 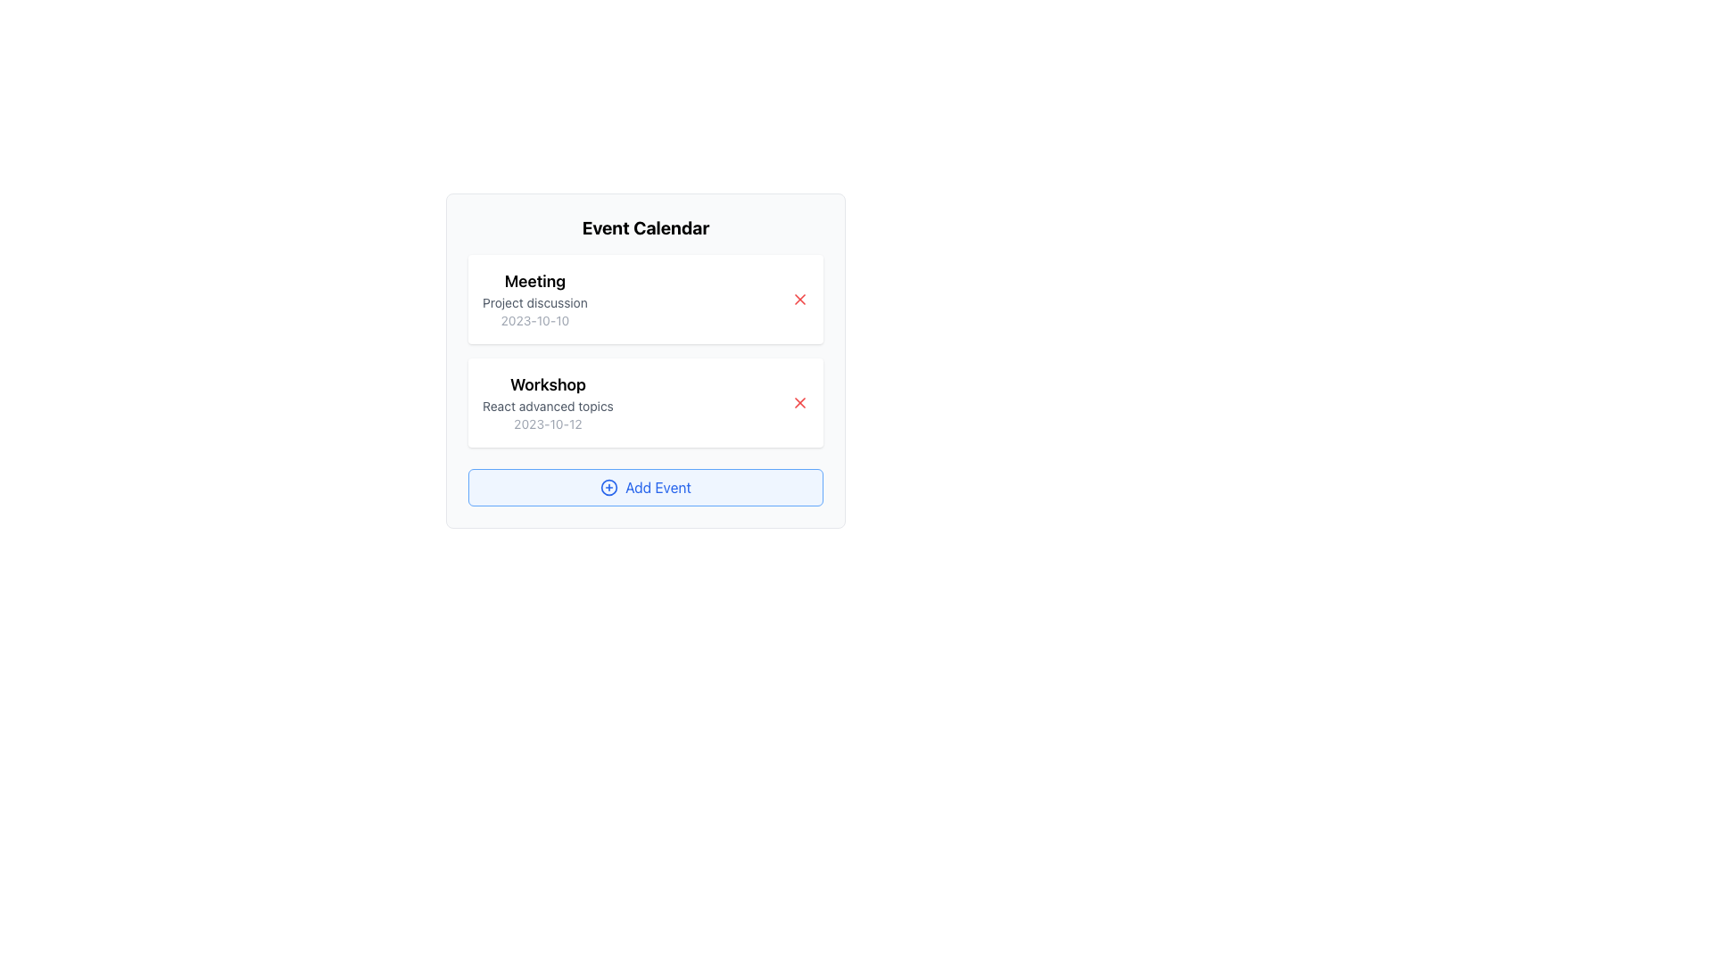 What do you see at coordinates (547, 424) in the screenshot?
I see `the date displayed in the Text label for the workshop event, which is centrally aligned and located below the 'React advanced topics' text in the Event Calendar` at bounding box center [547, 424].